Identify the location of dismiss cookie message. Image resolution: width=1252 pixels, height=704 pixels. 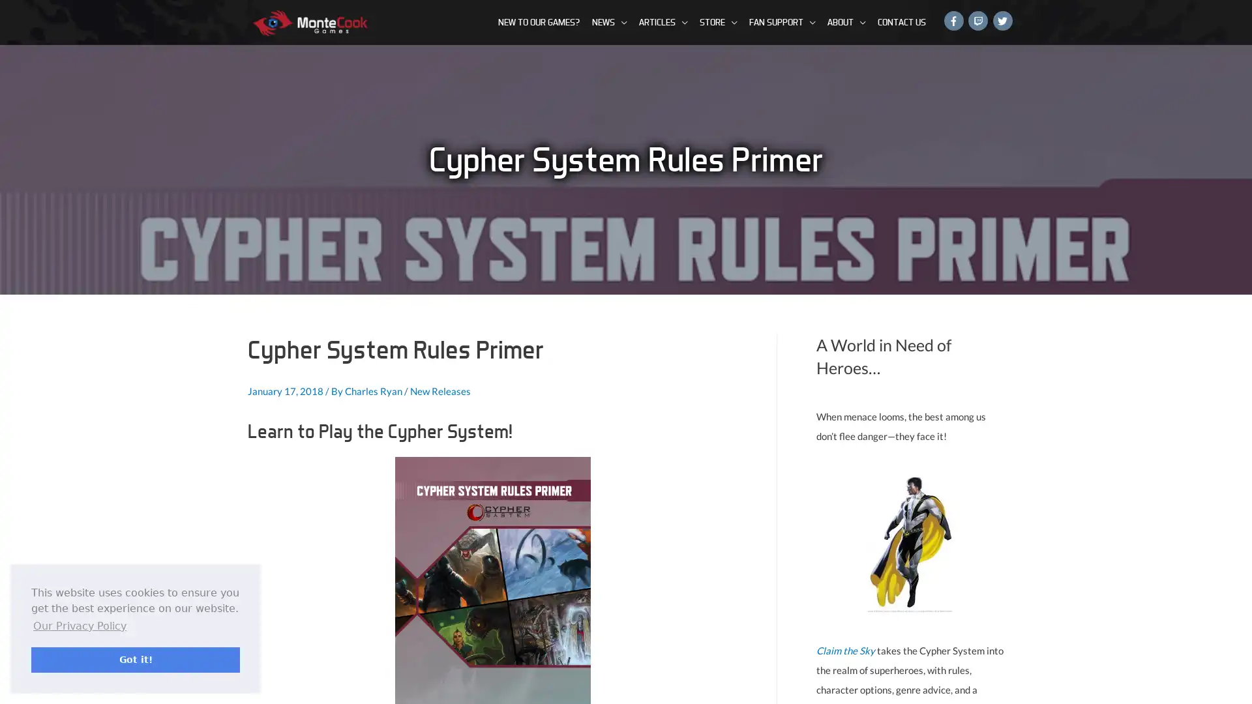
(135, 659).